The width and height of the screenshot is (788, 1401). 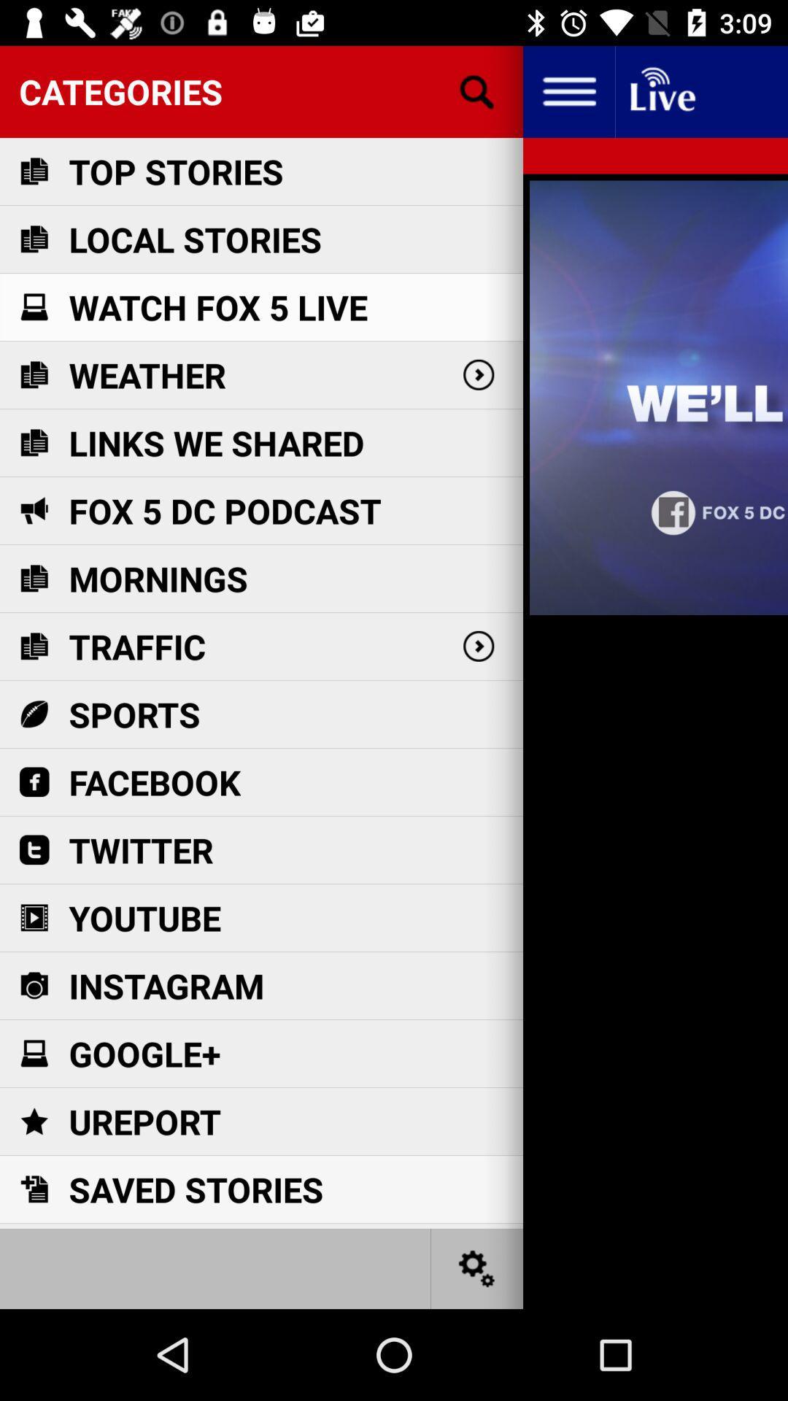 I want to click on twitter, so click(x=141, y=850).